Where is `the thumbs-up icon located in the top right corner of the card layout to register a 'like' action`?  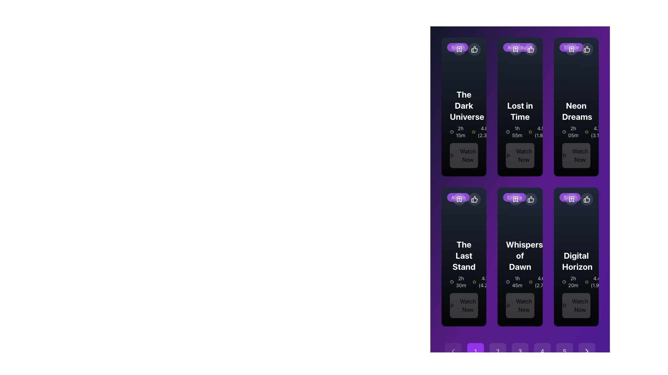
the thumbs-up icon located in the top right corner of the card layout to register a 'like' action is located at coordinates (530, 199).